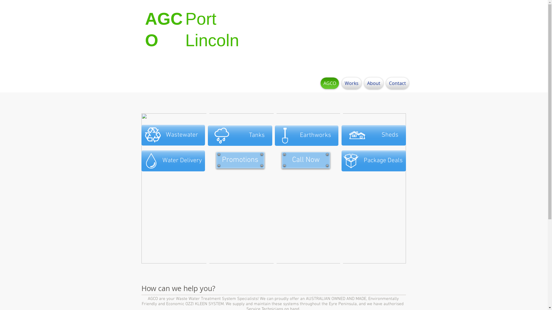 This screenshot has height=310, width=552. Describe the element at coordinates (330, 83) in the screenshot. I see `'AGCO'` at that location.